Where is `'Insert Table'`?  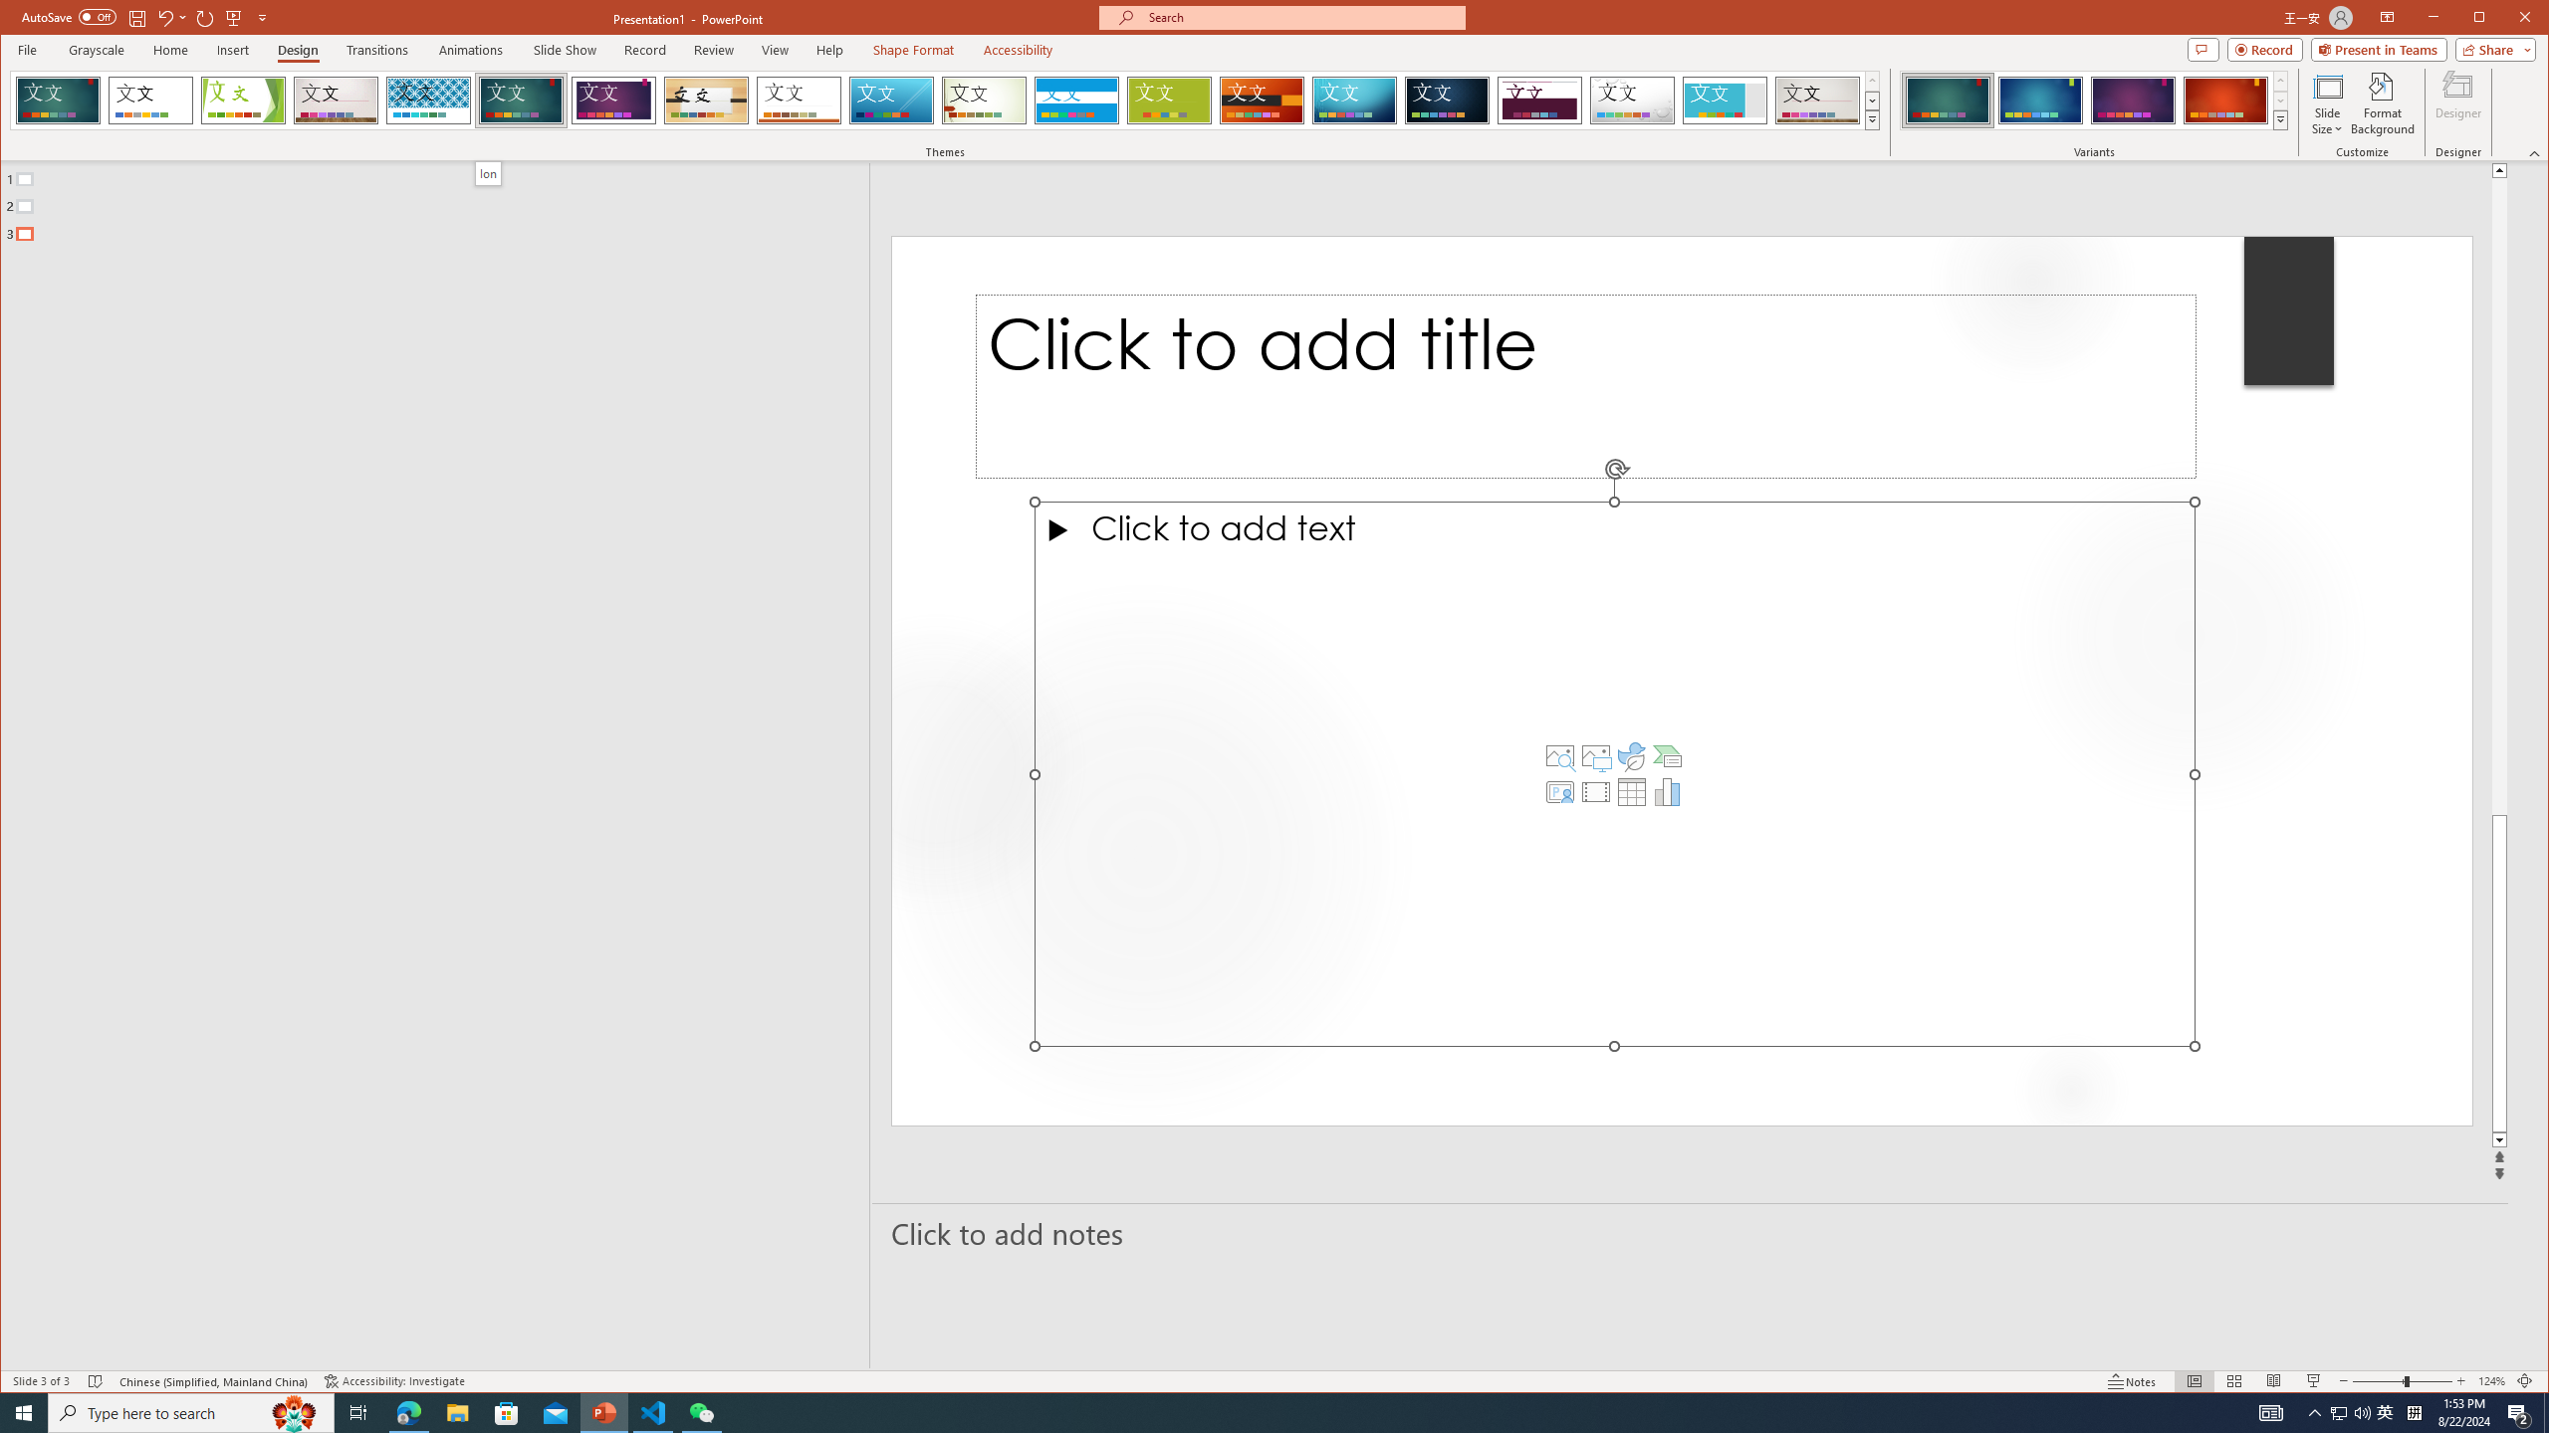
'Insert Table' is located at coordinates (1631, 792).